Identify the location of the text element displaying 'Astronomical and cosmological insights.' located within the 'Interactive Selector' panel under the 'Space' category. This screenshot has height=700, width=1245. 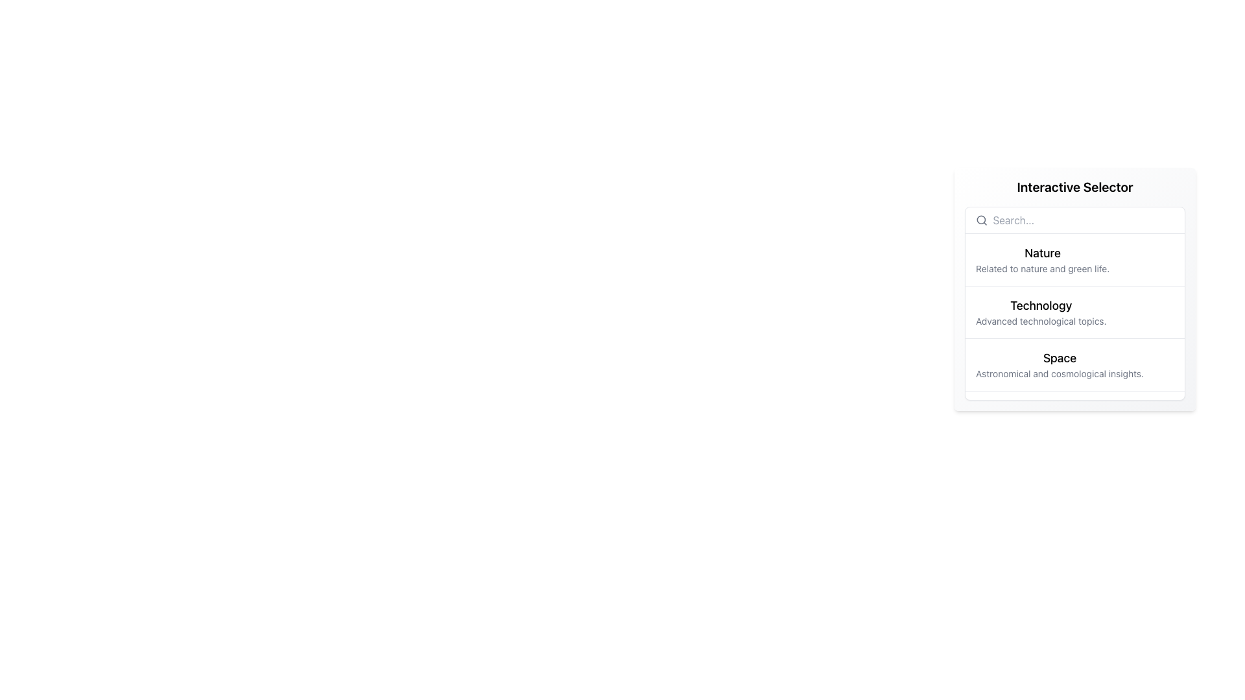
(1060, 374).